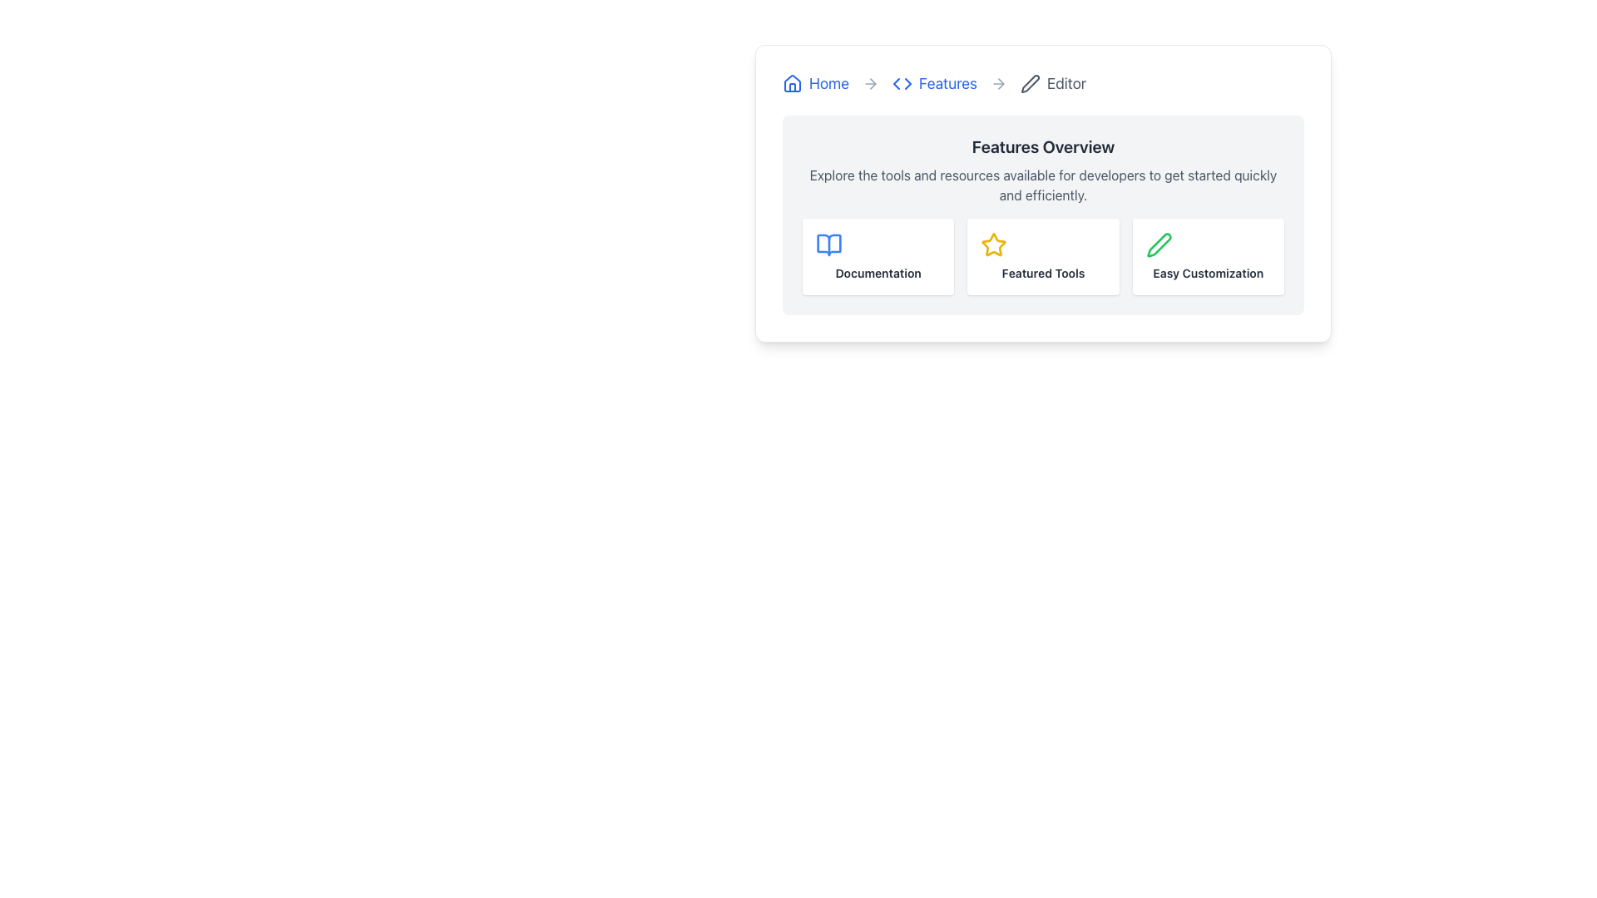  Describe the element at coordinates (1029, 83) in the screenshot. I see `the pen icon located in the breadcrumb navigation next to the 'Editor' text, which represents the edit functionality` at that location.